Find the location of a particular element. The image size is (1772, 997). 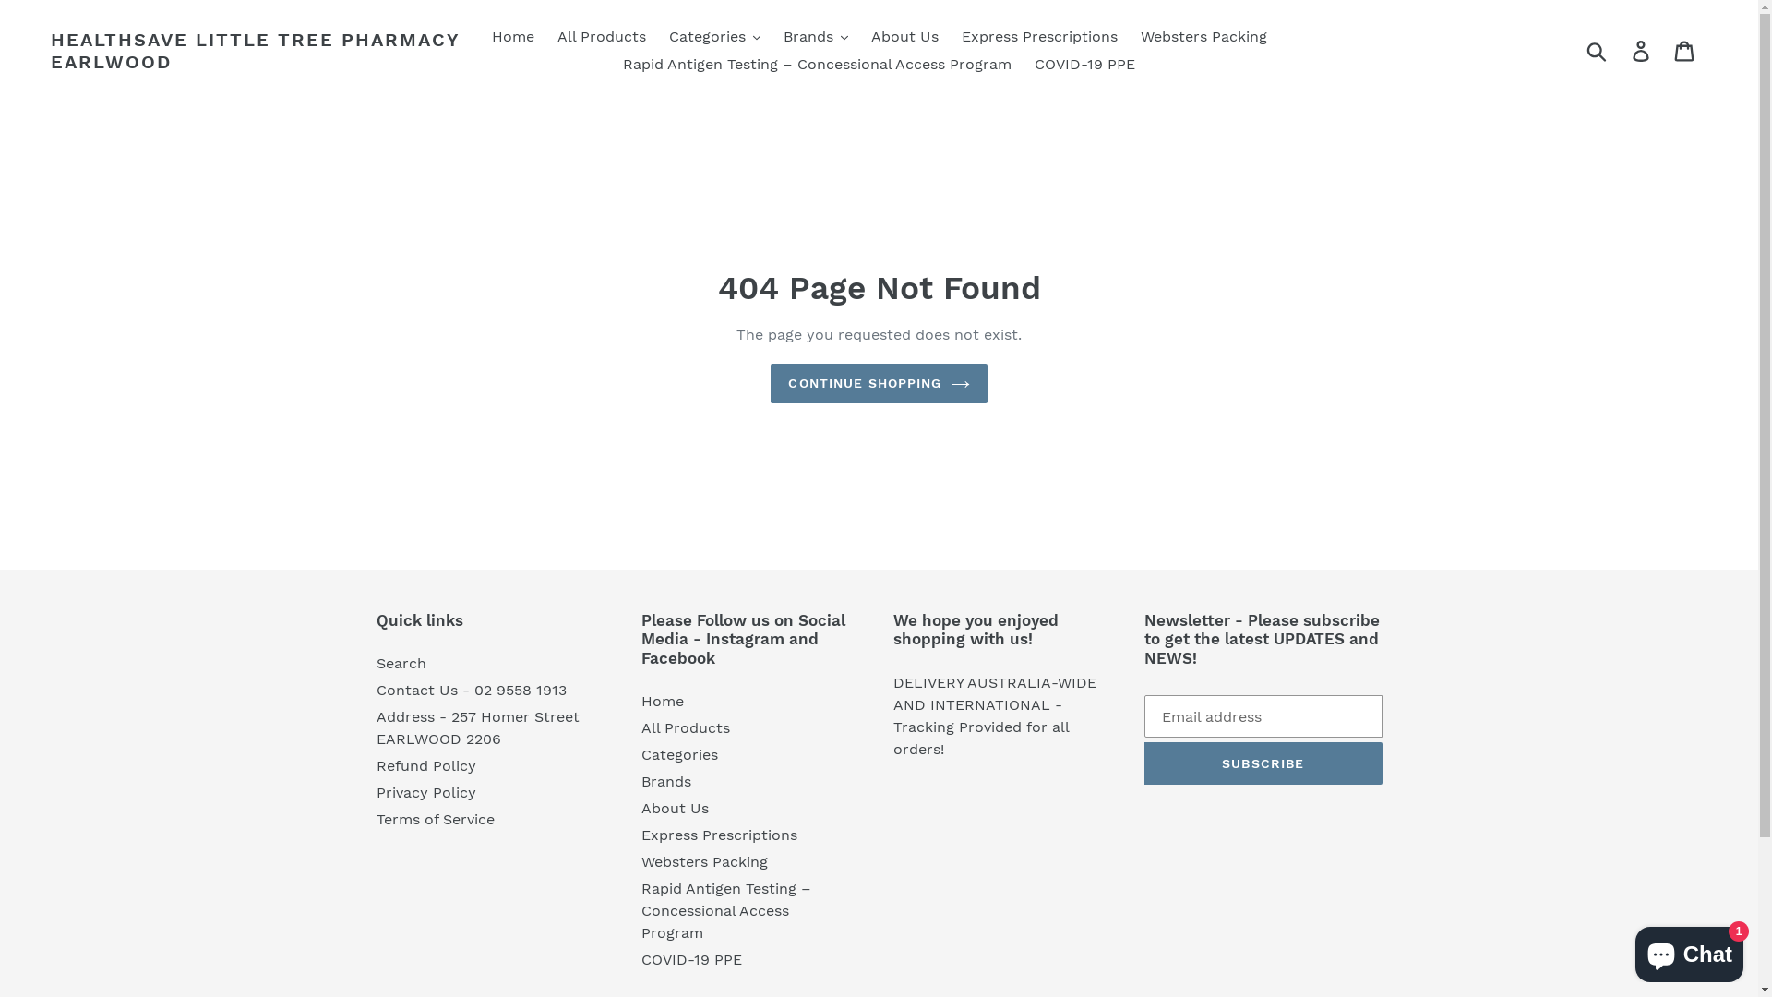

'COVID-19 PPE' is located at coordinates (690, 958).